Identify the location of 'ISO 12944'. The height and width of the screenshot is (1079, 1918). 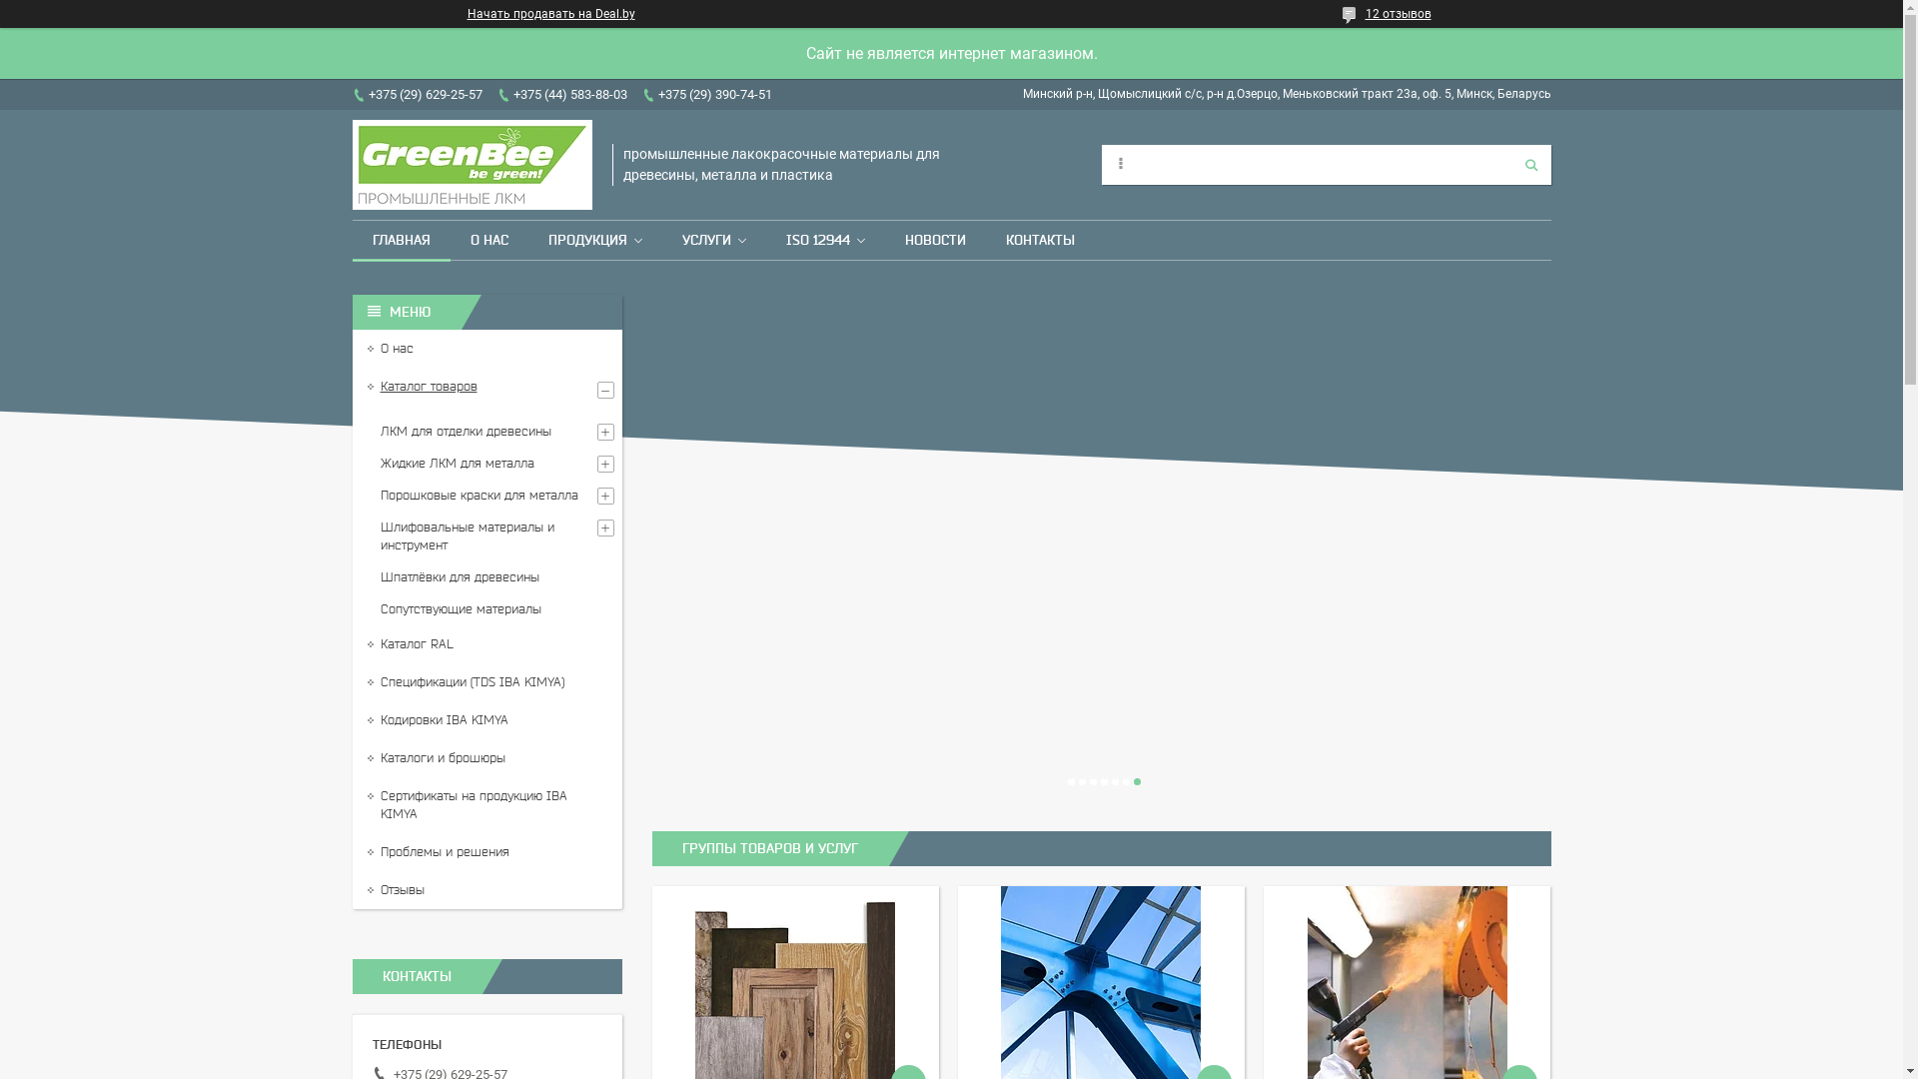
(816, 239).